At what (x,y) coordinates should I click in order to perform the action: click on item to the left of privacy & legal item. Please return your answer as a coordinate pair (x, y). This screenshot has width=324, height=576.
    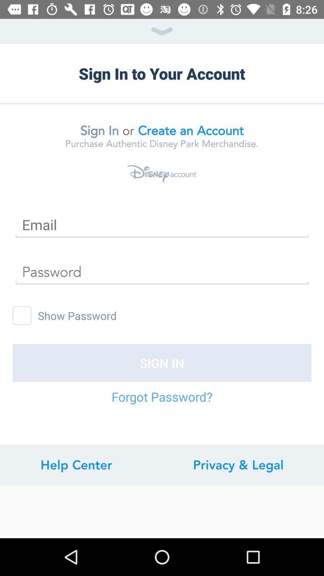
    Looking at the image, I should click on (76, 465).